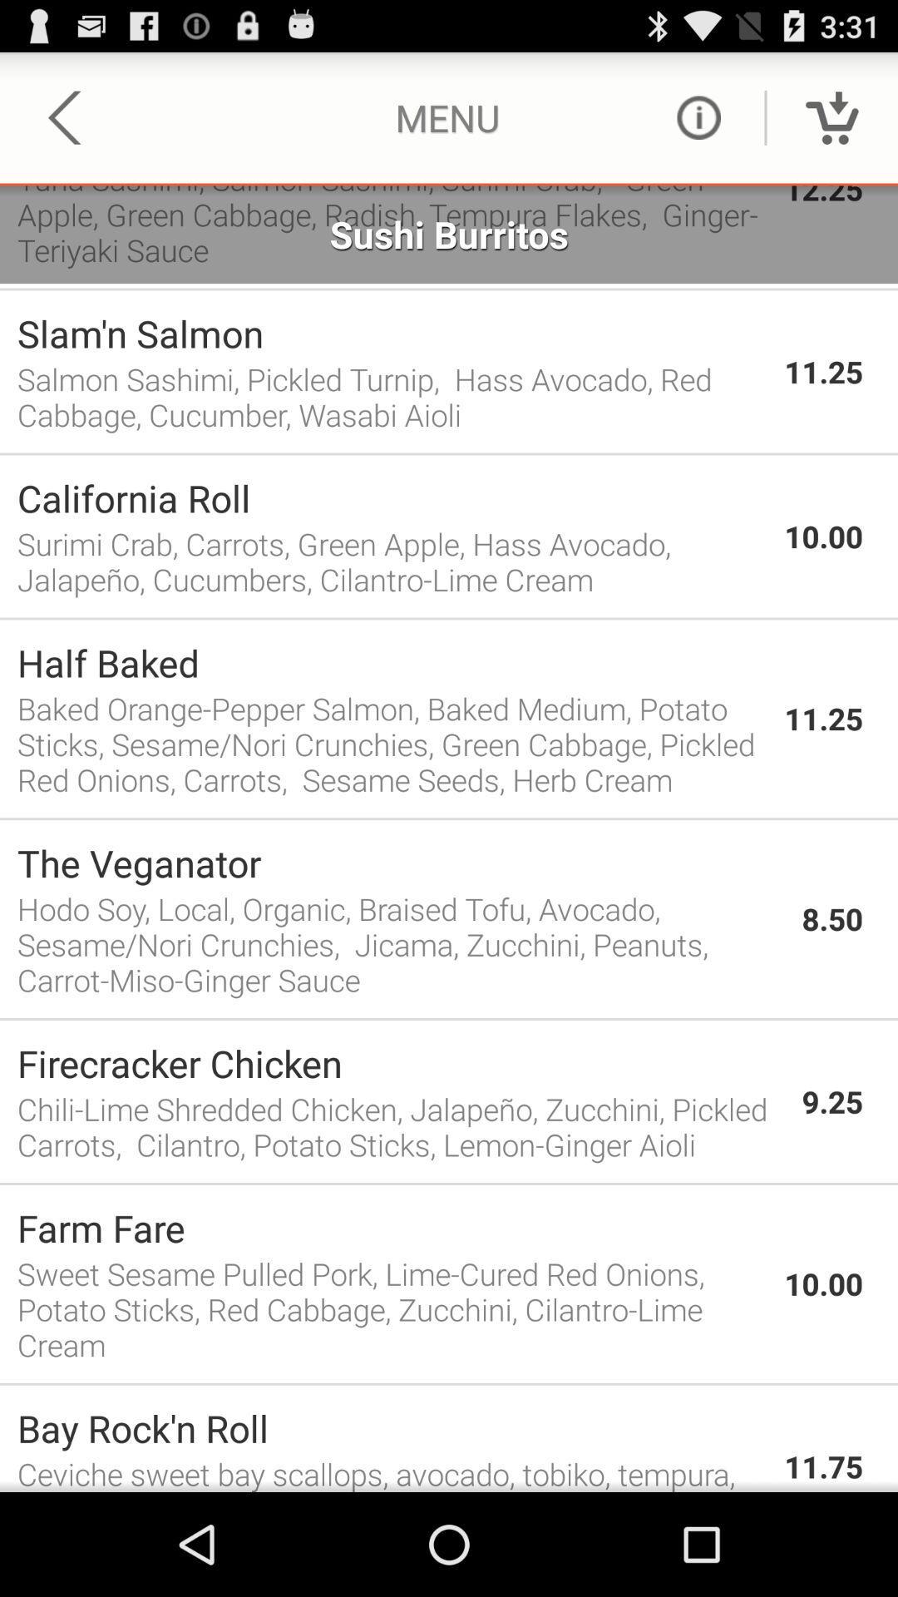  What do you see at coordinates (392, 497) in the screenshot?
I see `icon above surimi crab carrots` at bounding box center [392, 497].